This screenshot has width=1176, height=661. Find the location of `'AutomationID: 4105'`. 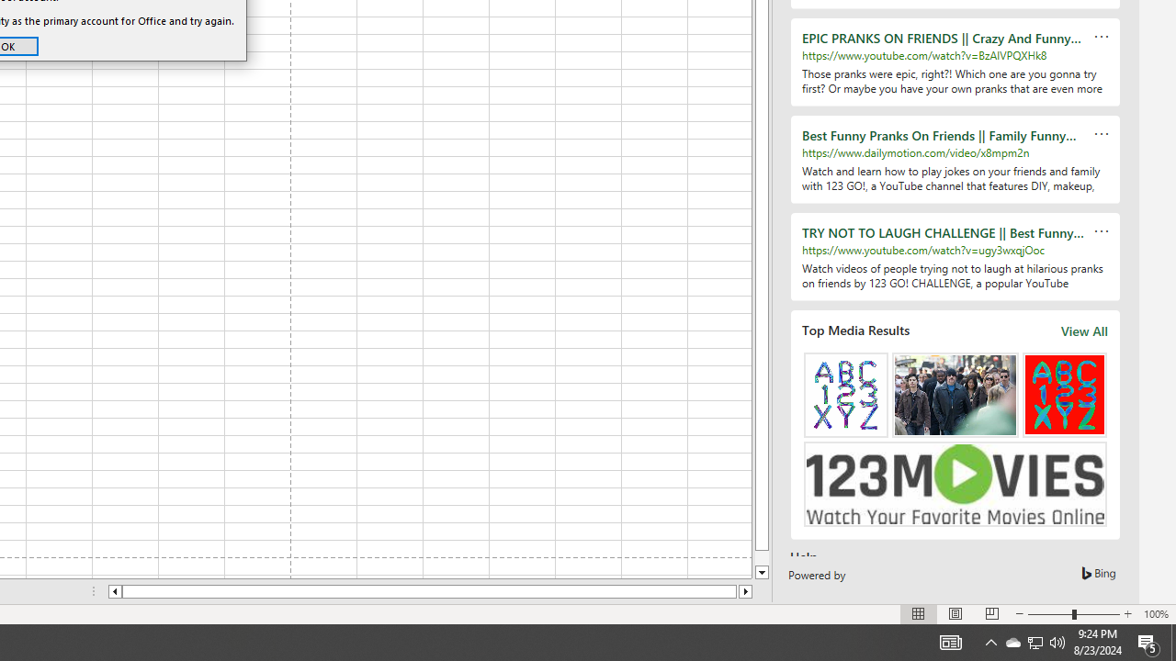

'AutomationID: 4105' is located at coordinates (950, 641).